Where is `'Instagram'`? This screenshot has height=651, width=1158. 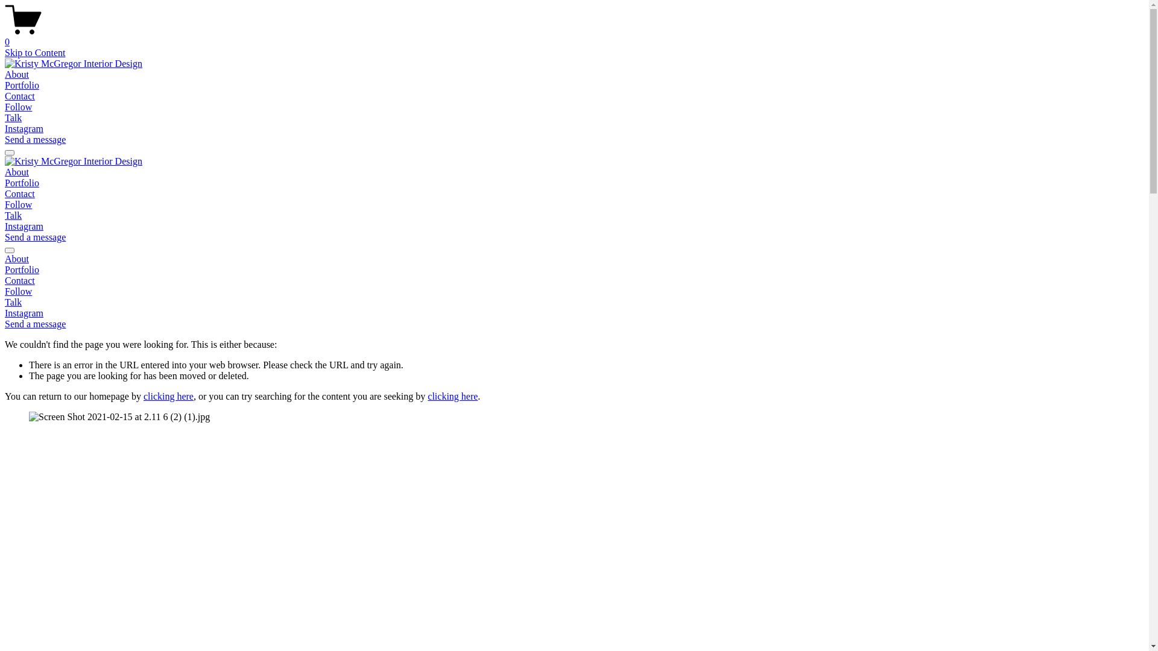
'Instagram' is located at coordinates (24, 226).